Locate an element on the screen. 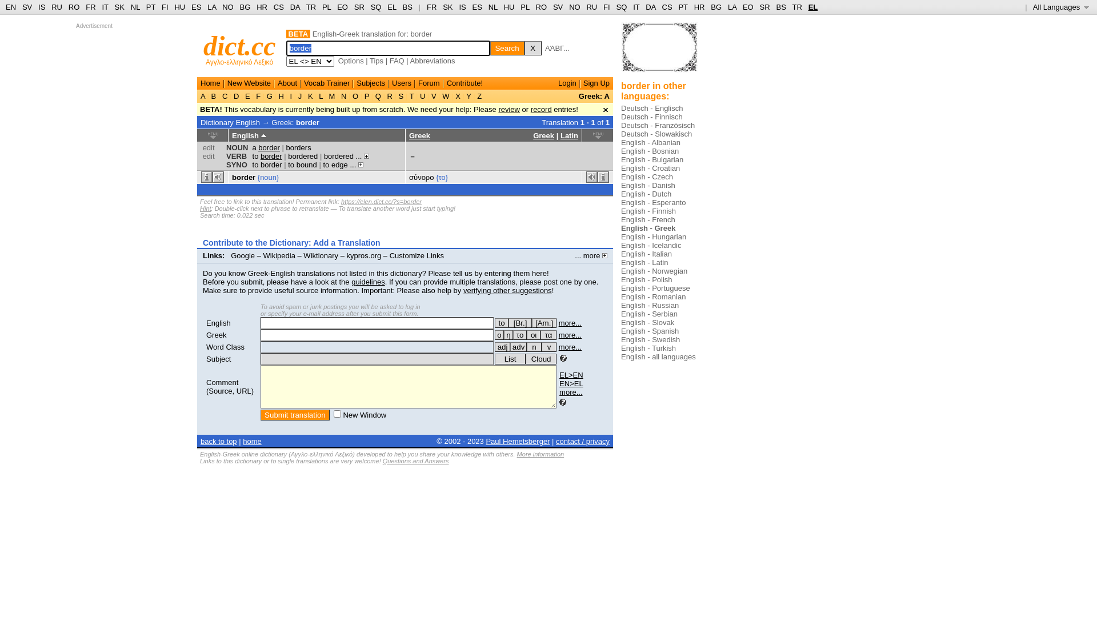 This screenshot has height=617, width=1097. 'M' is located at coordinates (331, 95).